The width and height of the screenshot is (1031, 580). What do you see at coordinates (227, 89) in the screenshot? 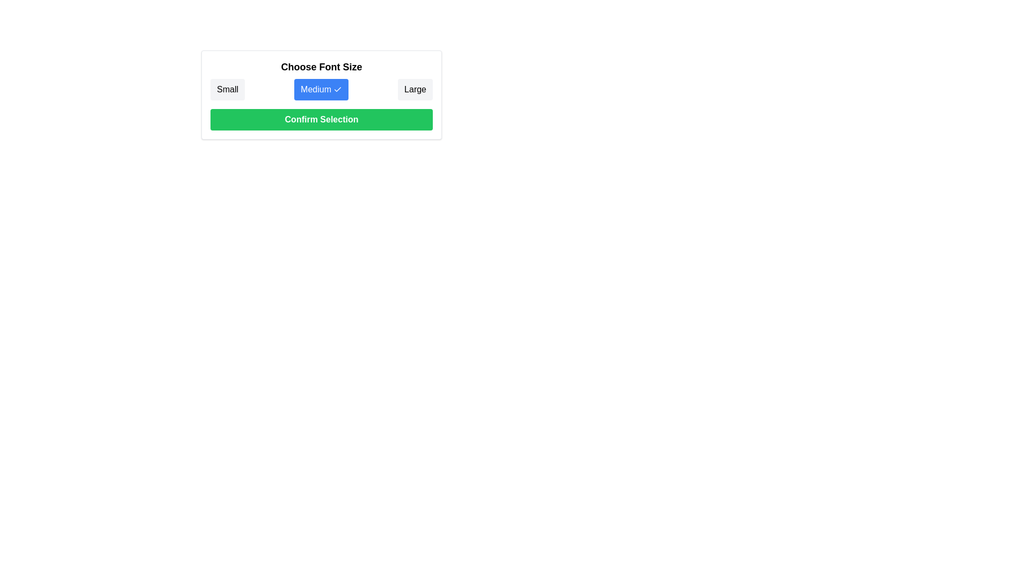
I see `the 'Small' font size button in the 'Choose Font Size' menu` at bounding box center [227, 89].